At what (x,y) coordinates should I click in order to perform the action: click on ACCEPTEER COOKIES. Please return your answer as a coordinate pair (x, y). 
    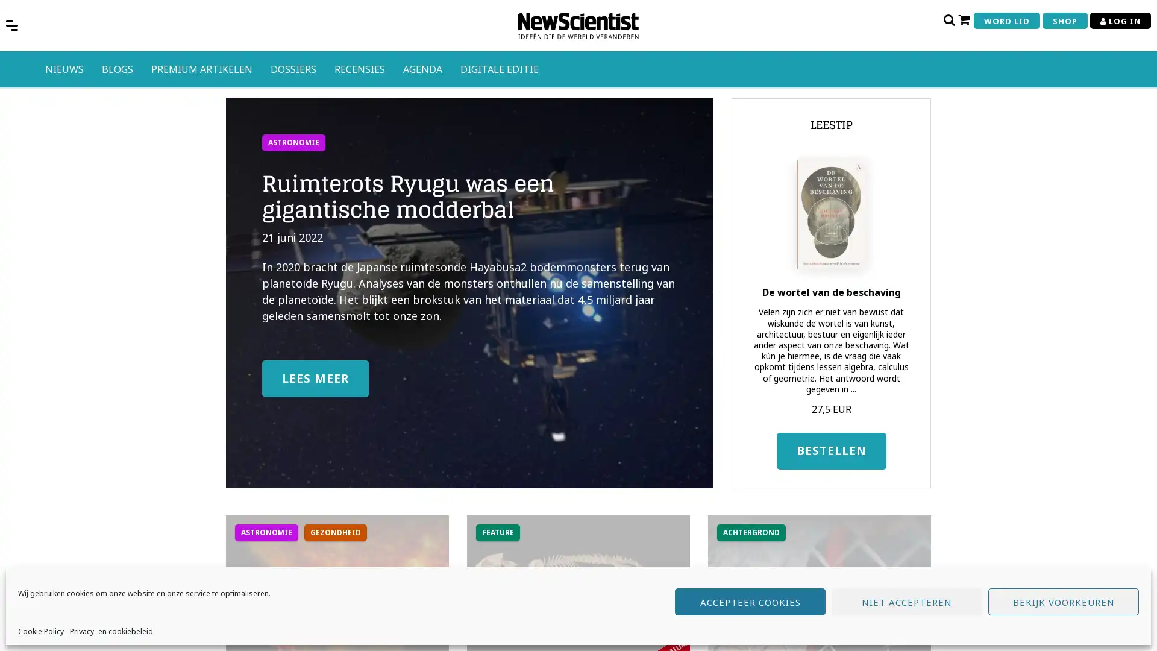
    Looking at the image, I should click on (749, 602).